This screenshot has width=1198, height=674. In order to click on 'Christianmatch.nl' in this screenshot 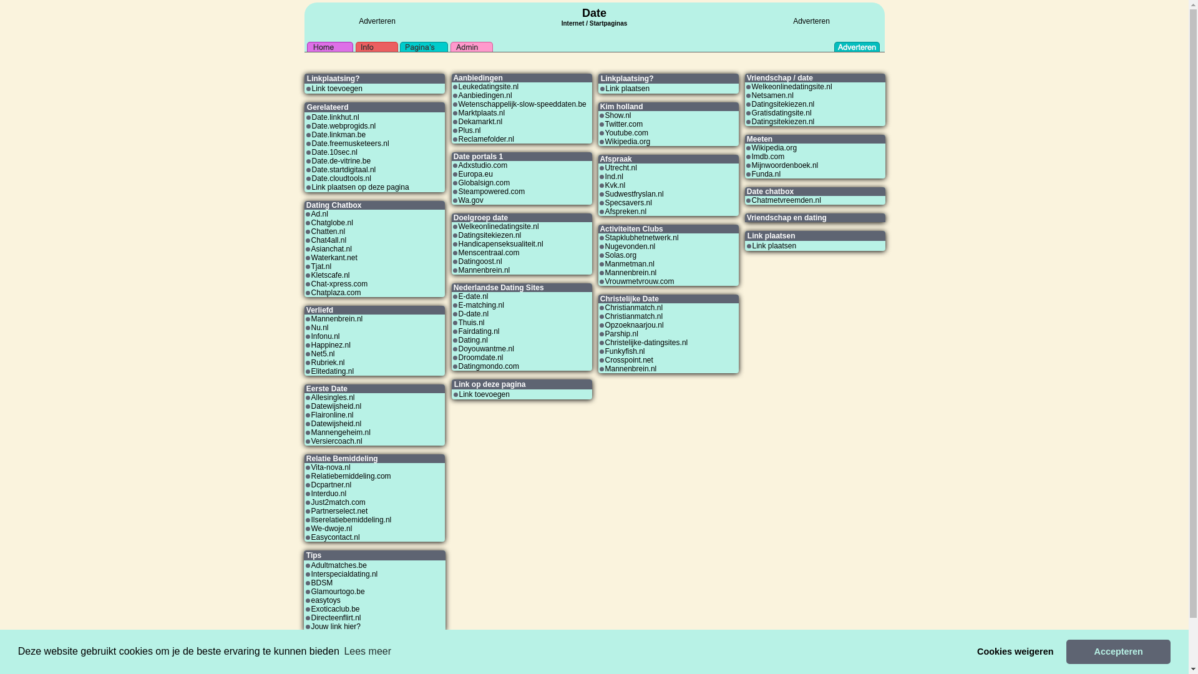, I will do `click(634, 308)`.